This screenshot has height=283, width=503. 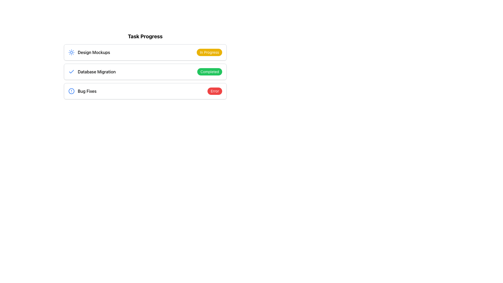 What do you see at coordinates (87, 91) in the screenshot?
I see `the 'Bug Fixes' text label, which is the third entry in the vertical task list, located below 'Design Mockups' and 'Database Migration'` at bounding box center [87, 91].